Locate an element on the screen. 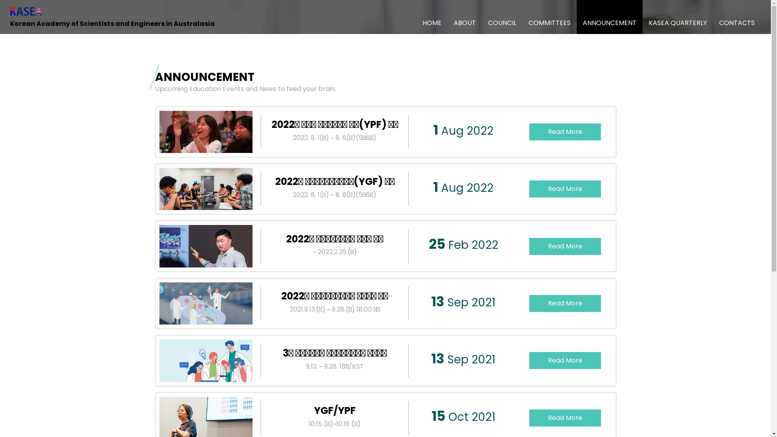 This screenshot has width=777, height=437. 'Read More' is located at coordinates (565, 132).